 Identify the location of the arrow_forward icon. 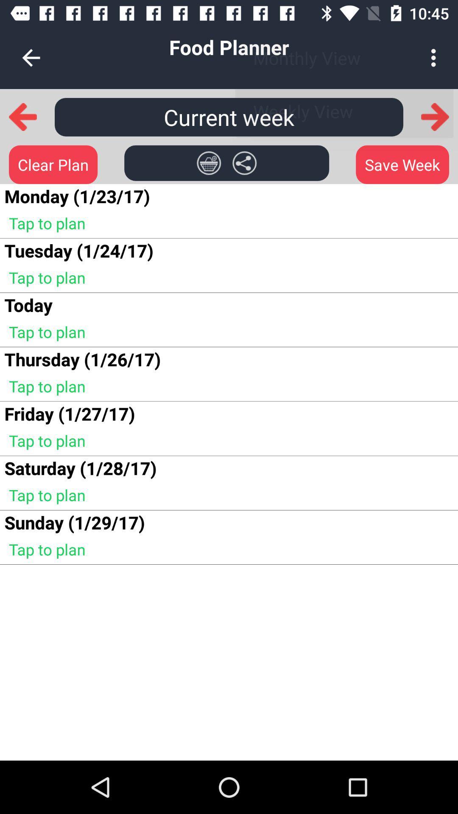
(435, 116).